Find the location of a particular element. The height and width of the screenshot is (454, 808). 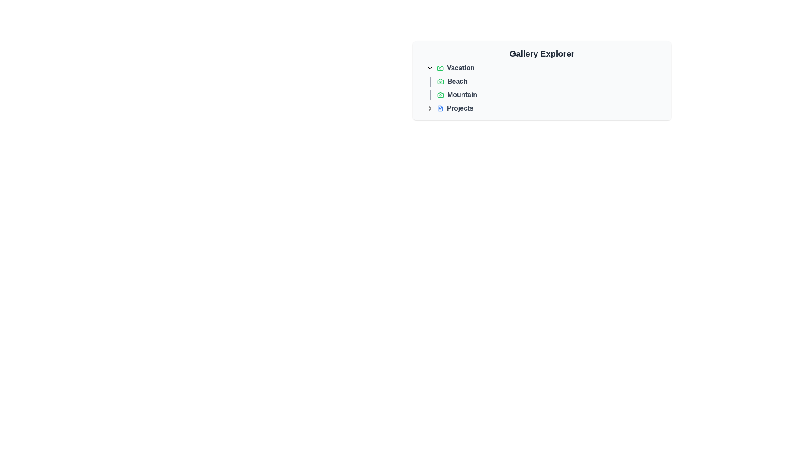

the 'Vacation' category icon located to the left of the text within the upper section of the list panel is located at coordinates (440, 68).